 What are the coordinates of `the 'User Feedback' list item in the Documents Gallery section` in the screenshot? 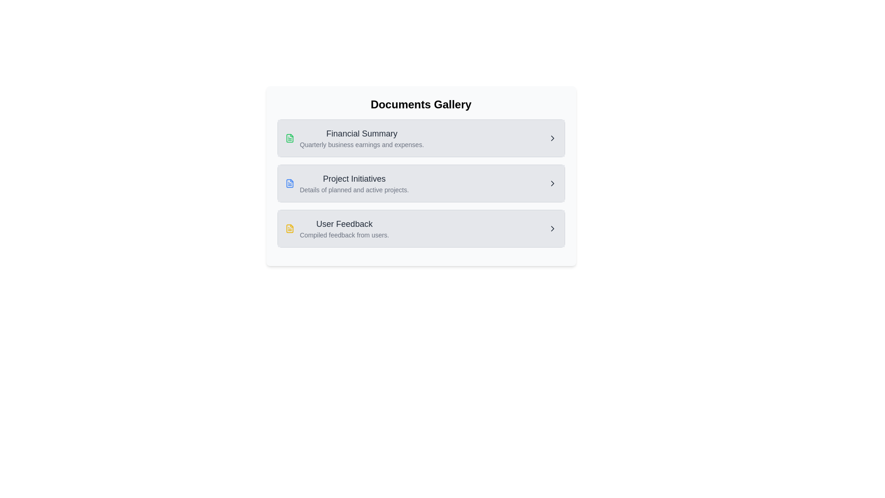 It's located at (420, 228).